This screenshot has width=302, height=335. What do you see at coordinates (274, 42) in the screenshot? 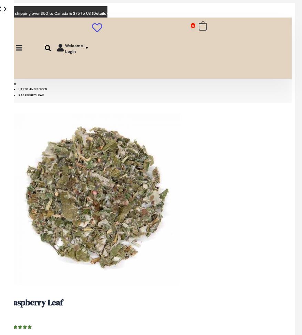
I see `'View Cart'` at bounding box center [274, 42].